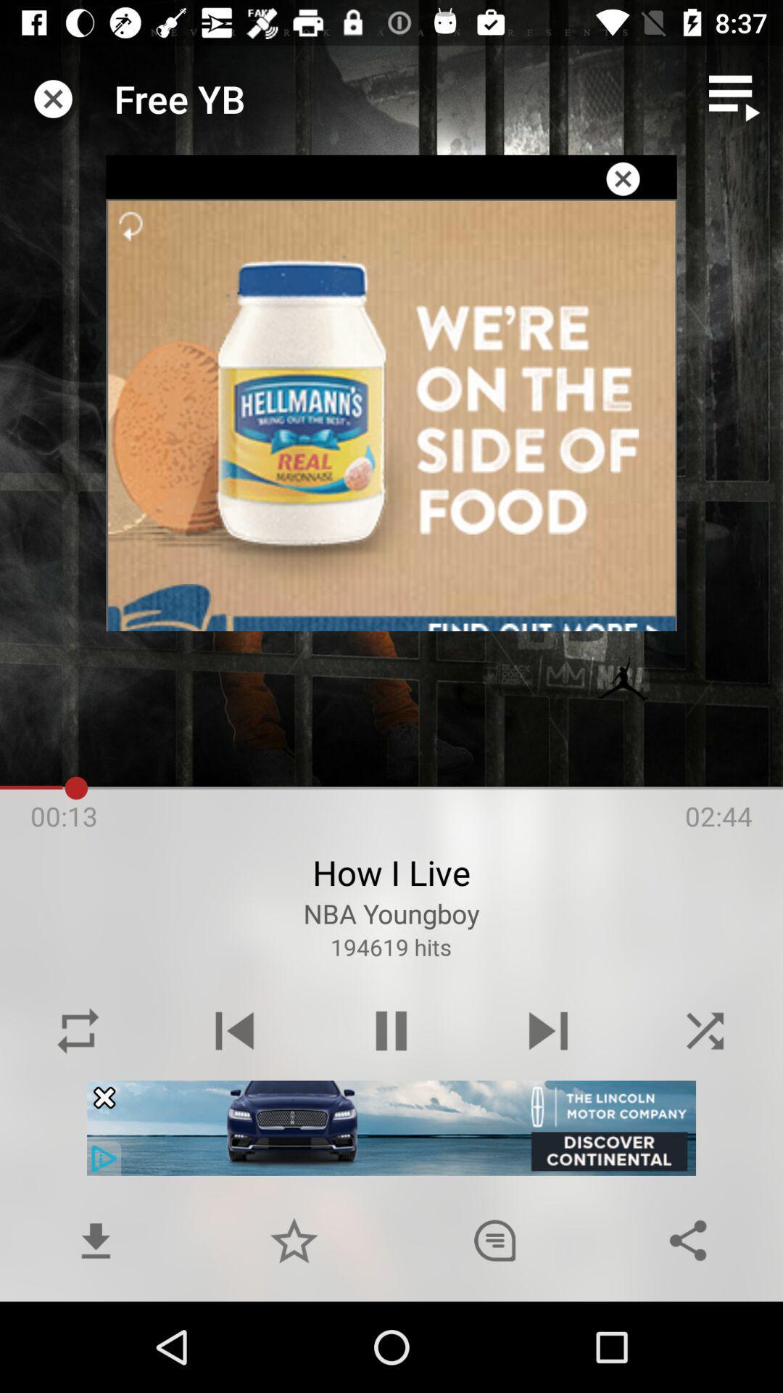 The image size is (783, 1393). I want to click on the file_download icon, so click(96, 1239).